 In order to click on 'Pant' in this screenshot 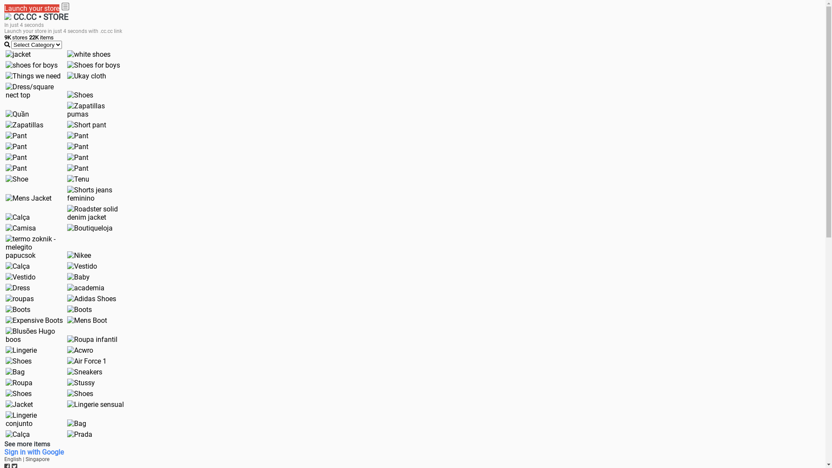, I will do `click(16, 157)`.